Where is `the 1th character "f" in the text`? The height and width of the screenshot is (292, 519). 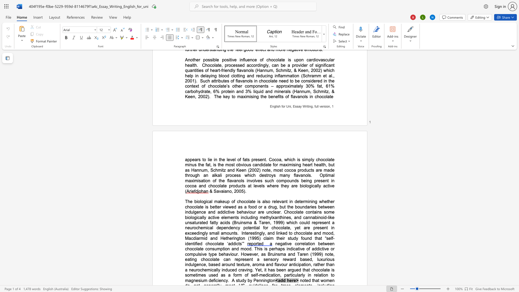
the 1th character "f" in the text is located at coordinates (264, 228).